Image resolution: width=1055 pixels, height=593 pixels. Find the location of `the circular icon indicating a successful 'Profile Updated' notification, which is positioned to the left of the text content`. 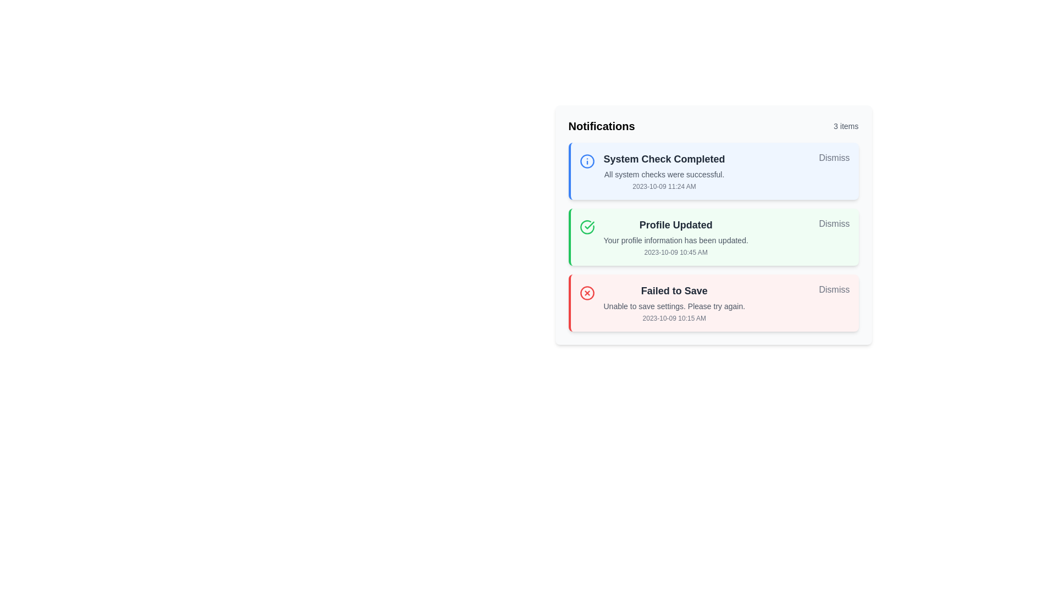

the circular icon indicating a successful 'Profile Updated' notification, which is positioned to the left of the text content is located at coordinates (588, 225).